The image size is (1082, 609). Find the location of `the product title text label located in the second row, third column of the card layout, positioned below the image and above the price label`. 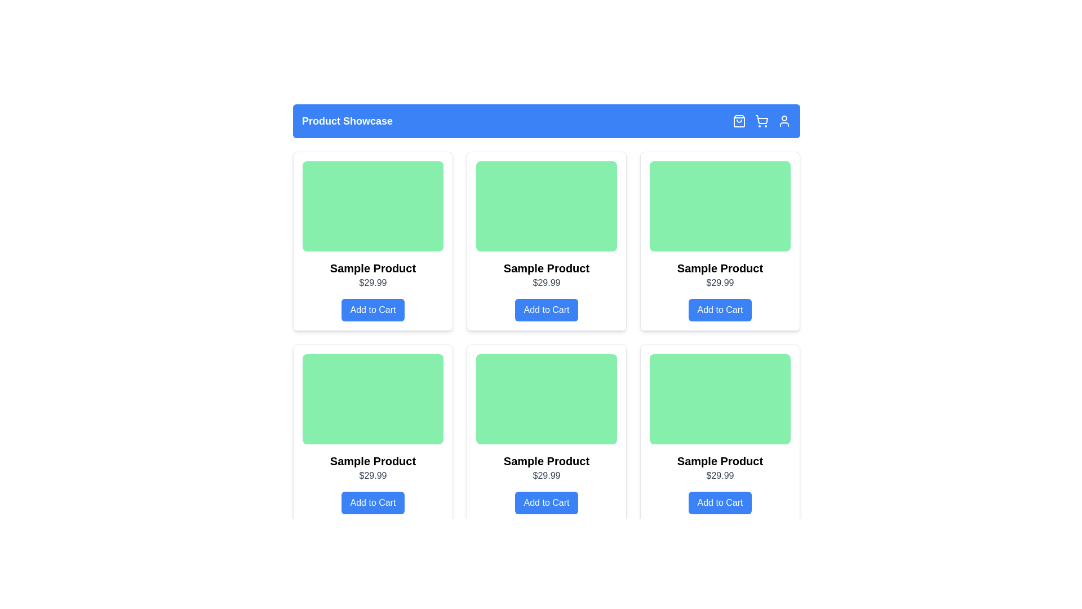

the product title text label located in the second row, third column of the card layout, positioned below the image and above the price label is located at coordinates (719, 461).